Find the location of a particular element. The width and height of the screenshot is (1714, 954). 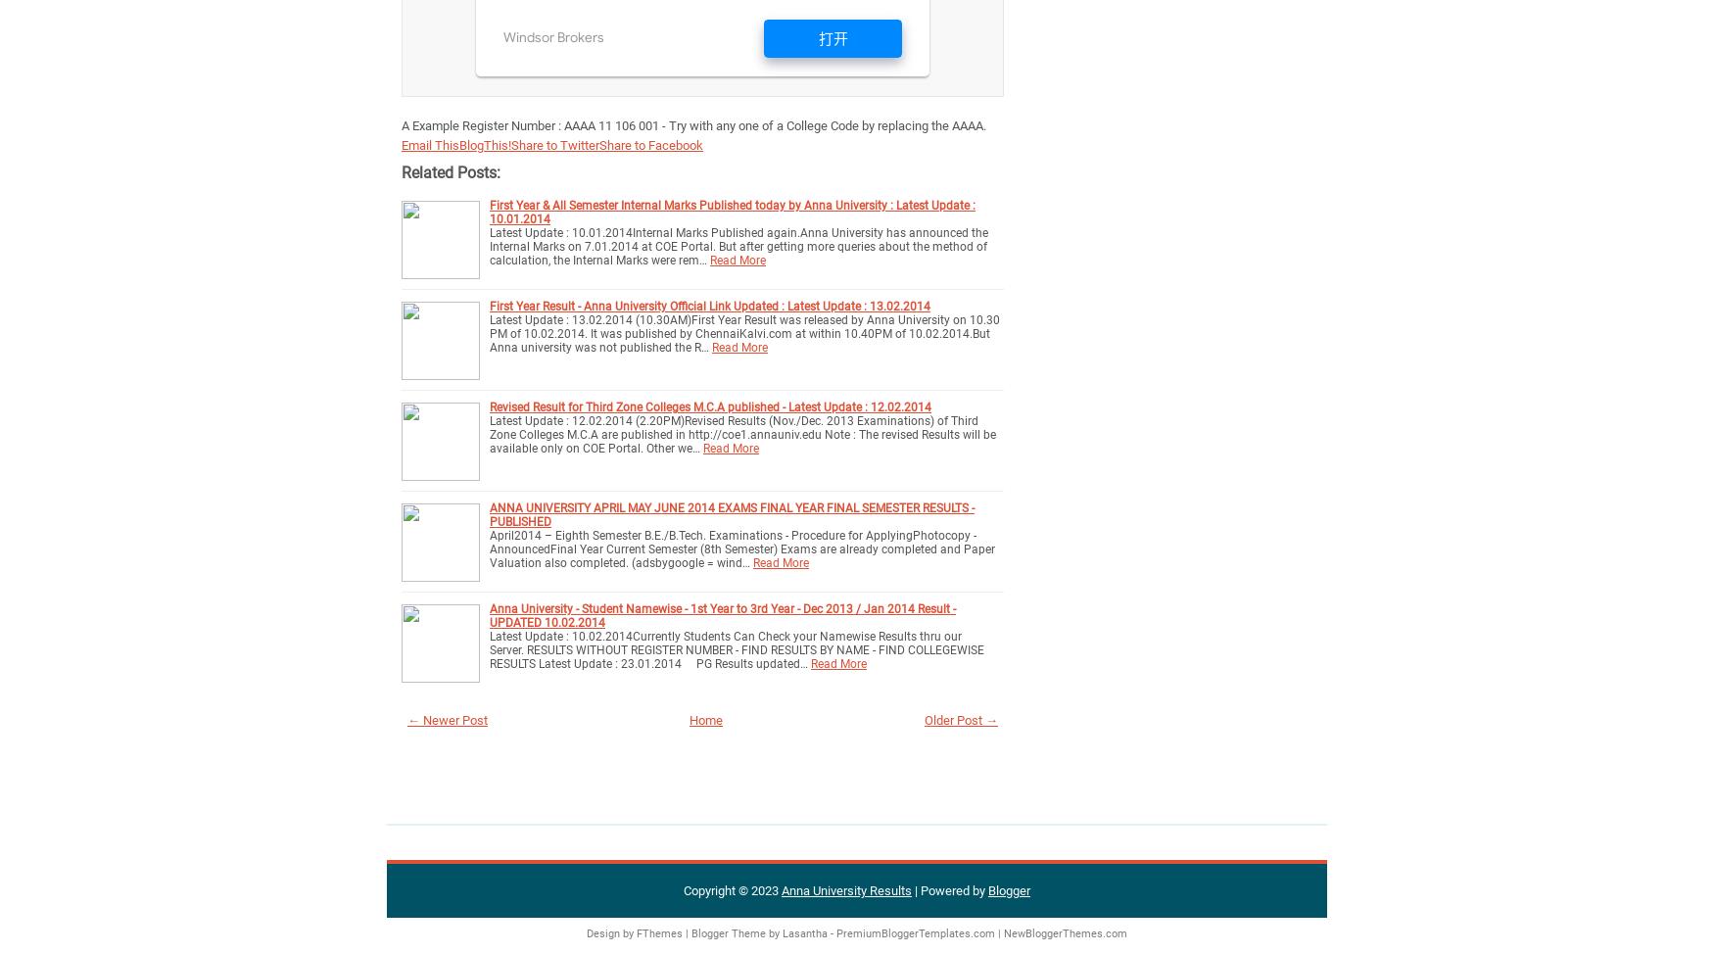

'2023' is located at coordinates (765, 889).